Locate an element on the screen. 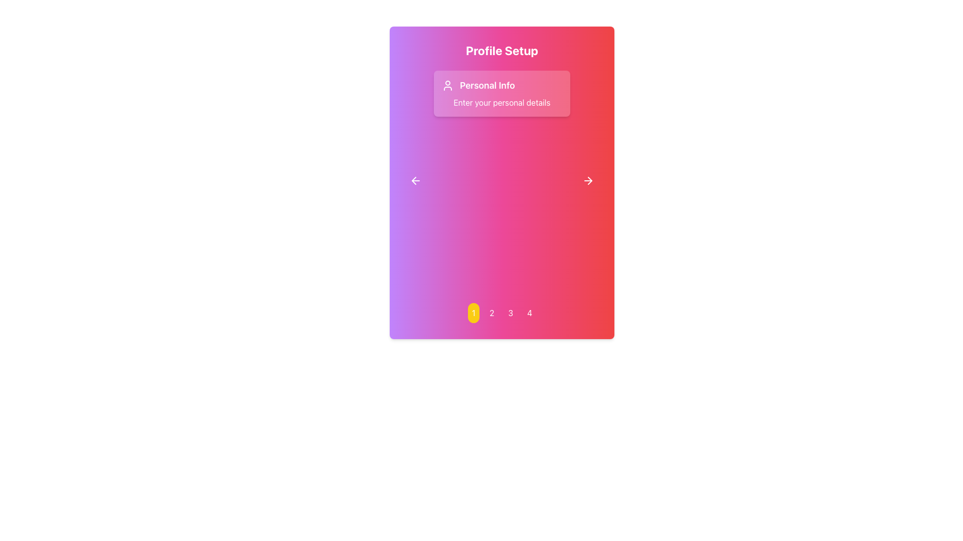 The width and height of the screenshot is (963, 541). the first circular button located at the bottom center of the interface, which is used for selecting the first item in a multi-step process is located at coordinates (473, 312).